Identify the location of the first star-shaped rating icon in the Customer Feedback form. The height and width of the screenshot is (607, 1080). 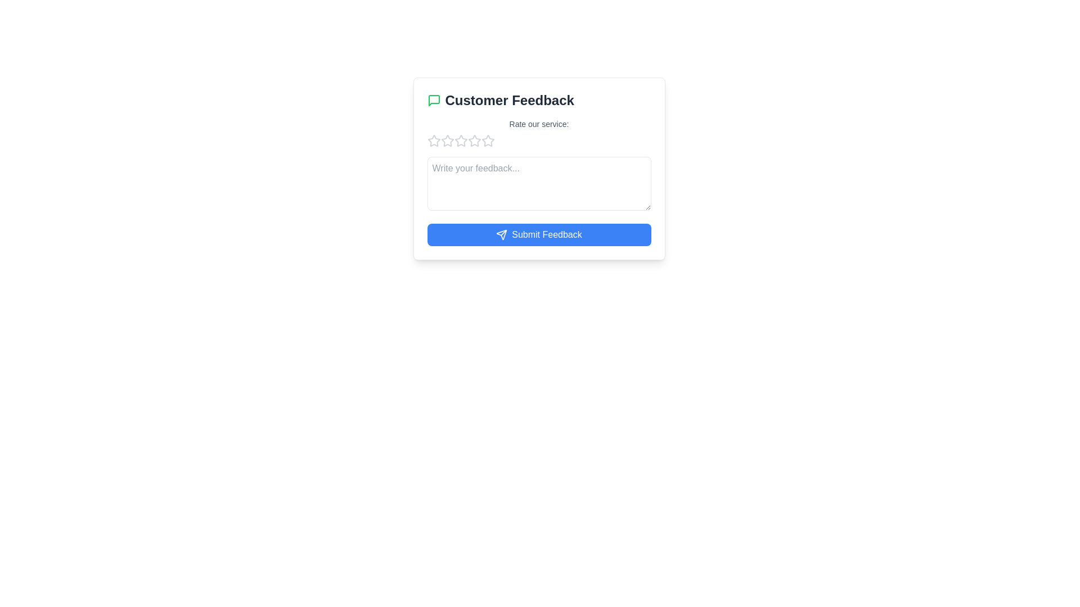
(433, 140).